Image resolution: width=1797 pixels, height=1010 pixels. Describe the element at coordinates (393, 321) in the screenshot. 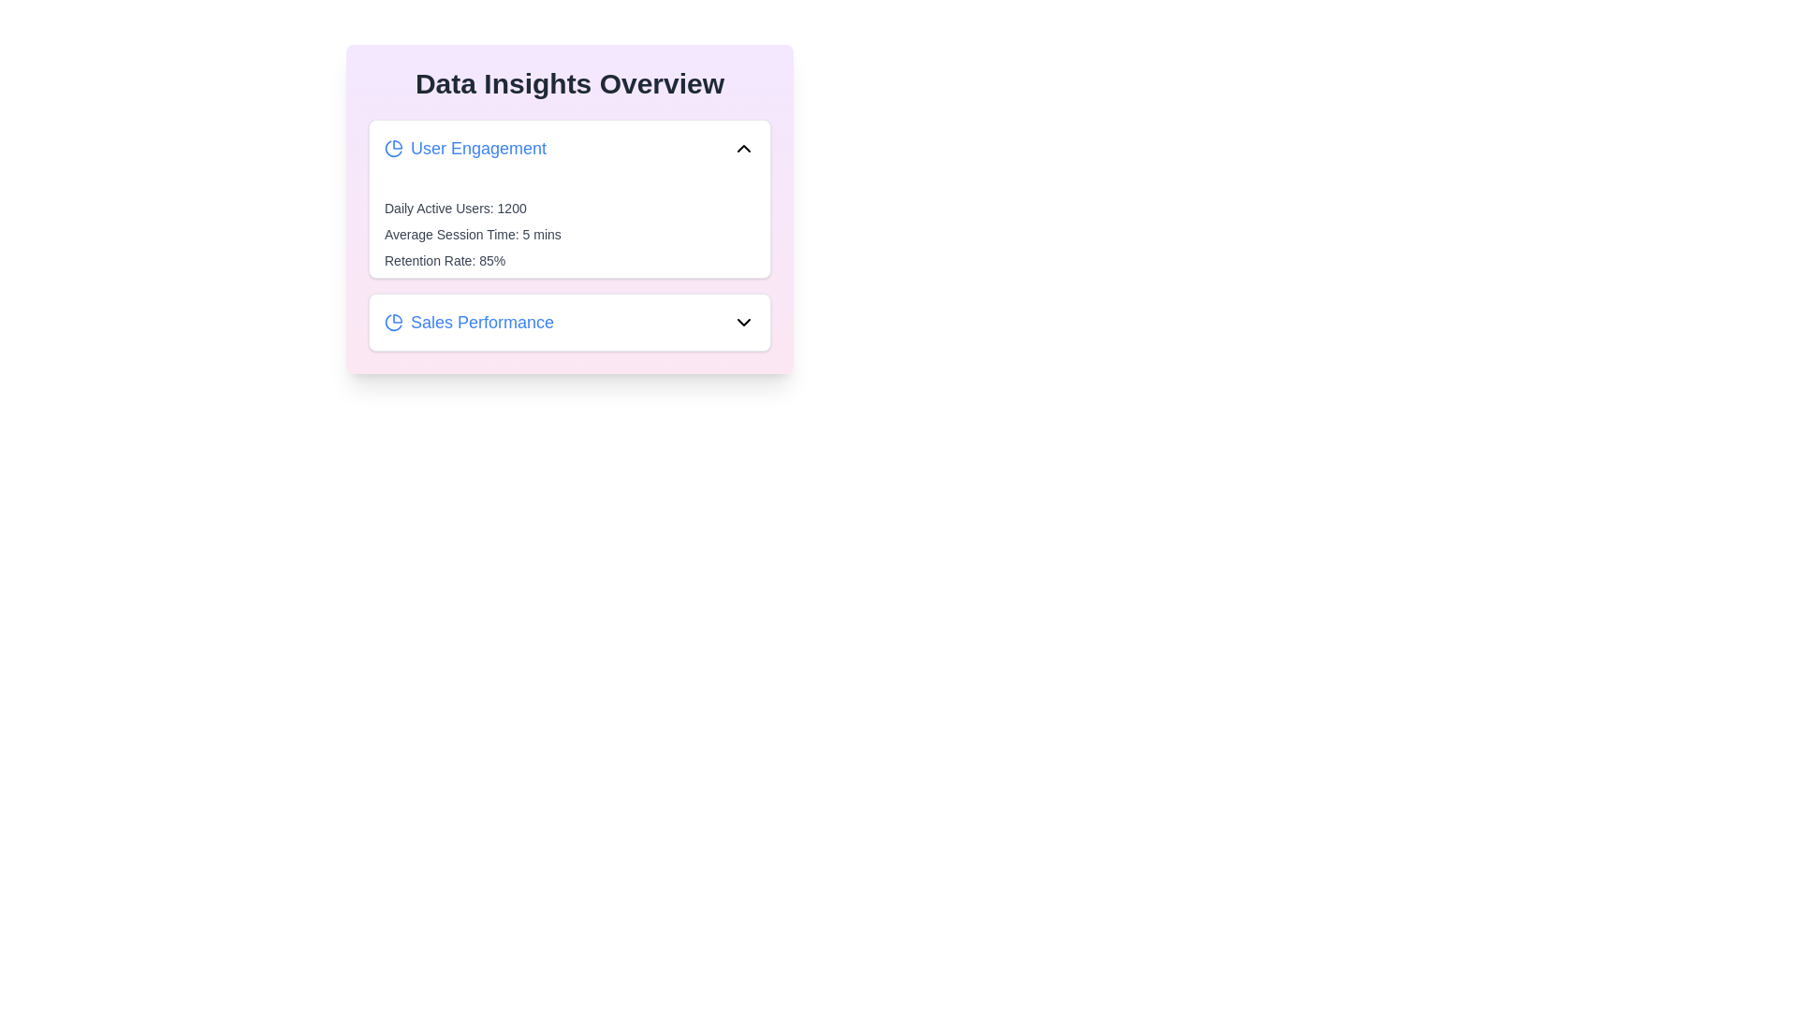

I see `the icon next to the category title Sales Performance` at that location.